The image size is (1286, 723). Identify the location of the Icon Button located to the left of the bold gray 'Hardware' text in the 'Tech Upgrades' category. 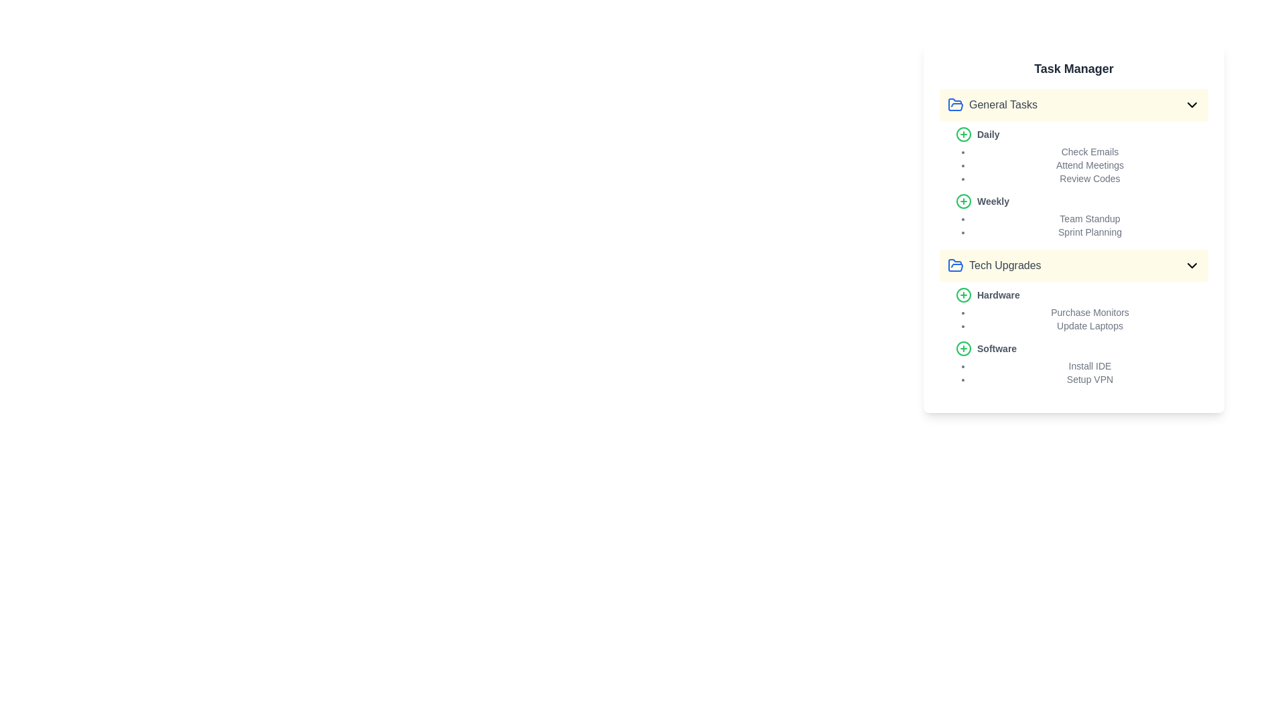
(963, 294).